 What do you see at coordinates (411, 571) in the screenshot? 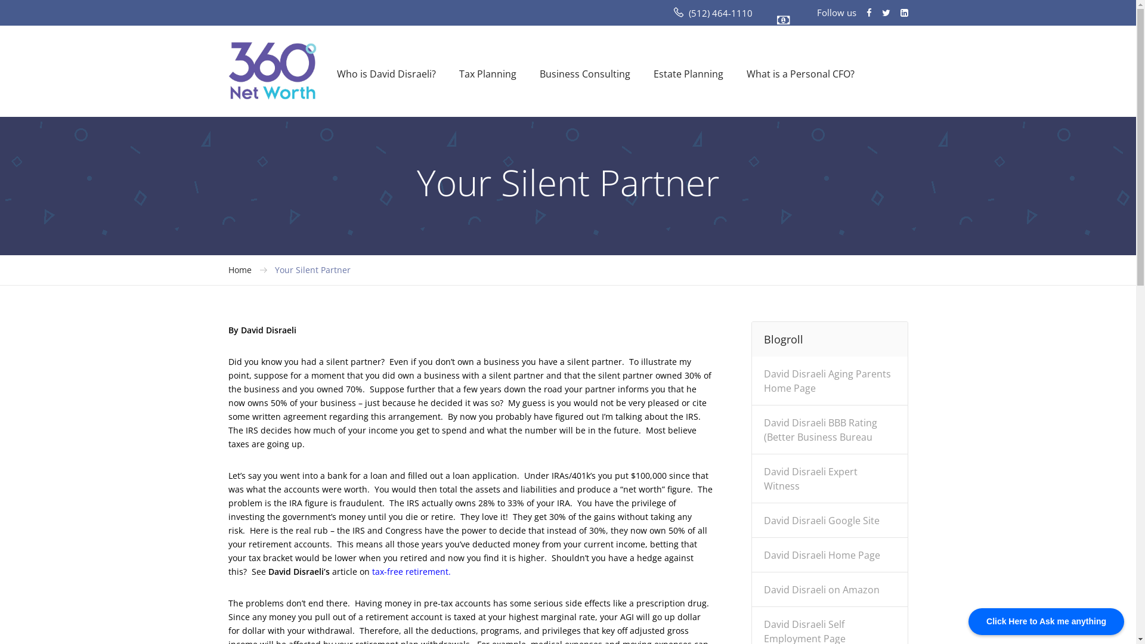
I see `'tax-free retirement.'` at bounding box center [411, 571].